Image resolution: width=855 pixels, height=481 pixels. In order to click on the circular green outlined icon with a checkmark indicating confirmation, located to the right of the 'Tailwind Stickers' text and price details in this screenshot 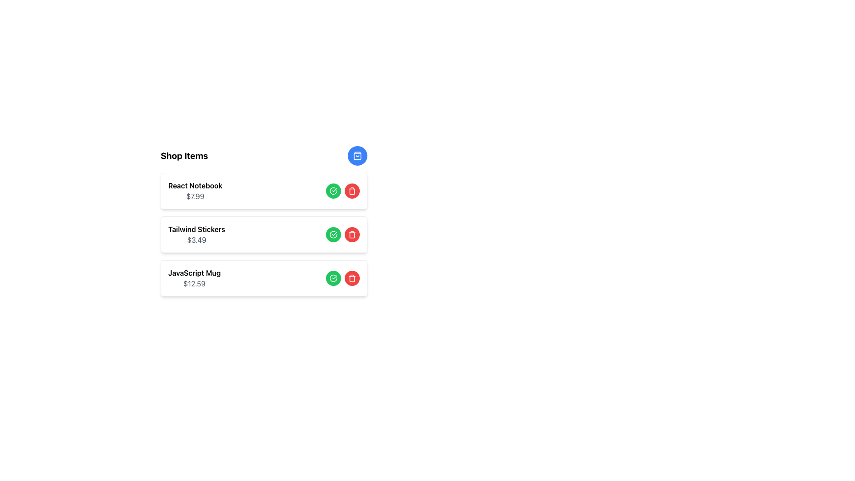, I will do `click(333, 190)`.